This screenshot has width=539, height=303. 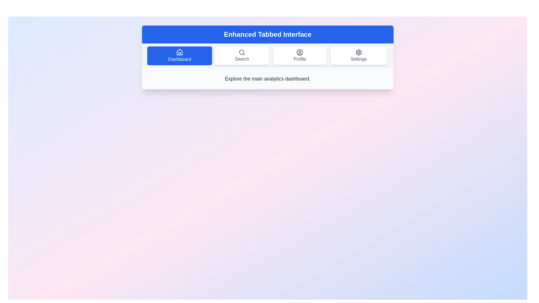 What do you see at coordinates (242, 59) in the screenshot?
I see `the 'Search' label in the navigation menu, which is located below the magnifying glass icon and between the 'Dashboard' and 'Profile' tabs` at bounding box center [242, 59].